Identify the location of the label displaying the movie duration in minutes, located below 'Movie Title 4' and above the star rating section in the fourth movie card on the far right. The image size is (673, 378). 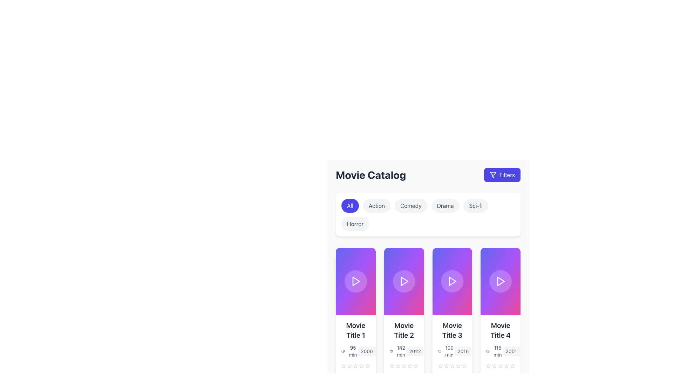
(494, 351).